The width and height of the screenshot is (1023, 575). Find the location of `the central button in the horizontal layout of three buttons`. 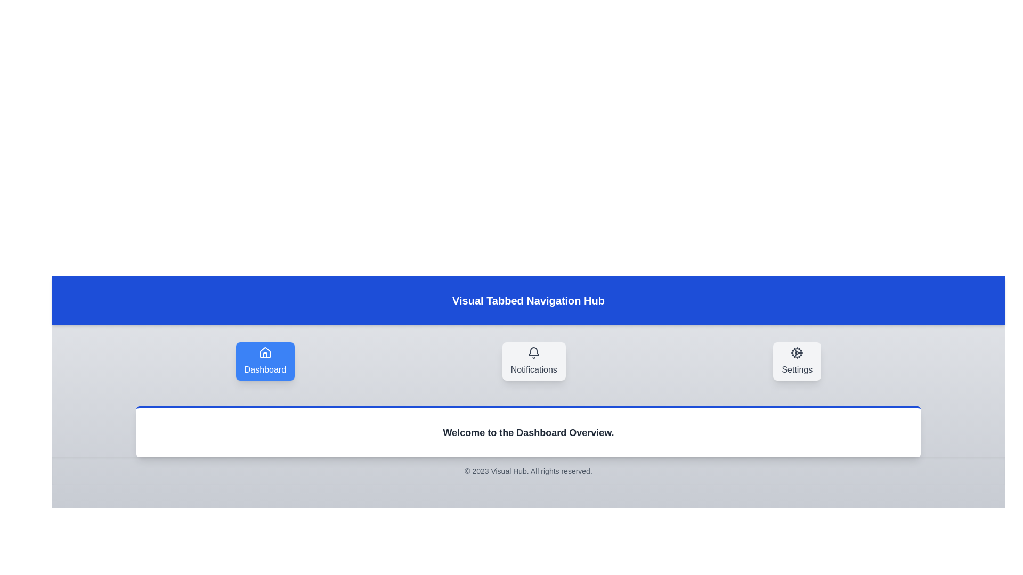

the central button in the horizontal layout of three buttons is located at coordinates (534, 360).